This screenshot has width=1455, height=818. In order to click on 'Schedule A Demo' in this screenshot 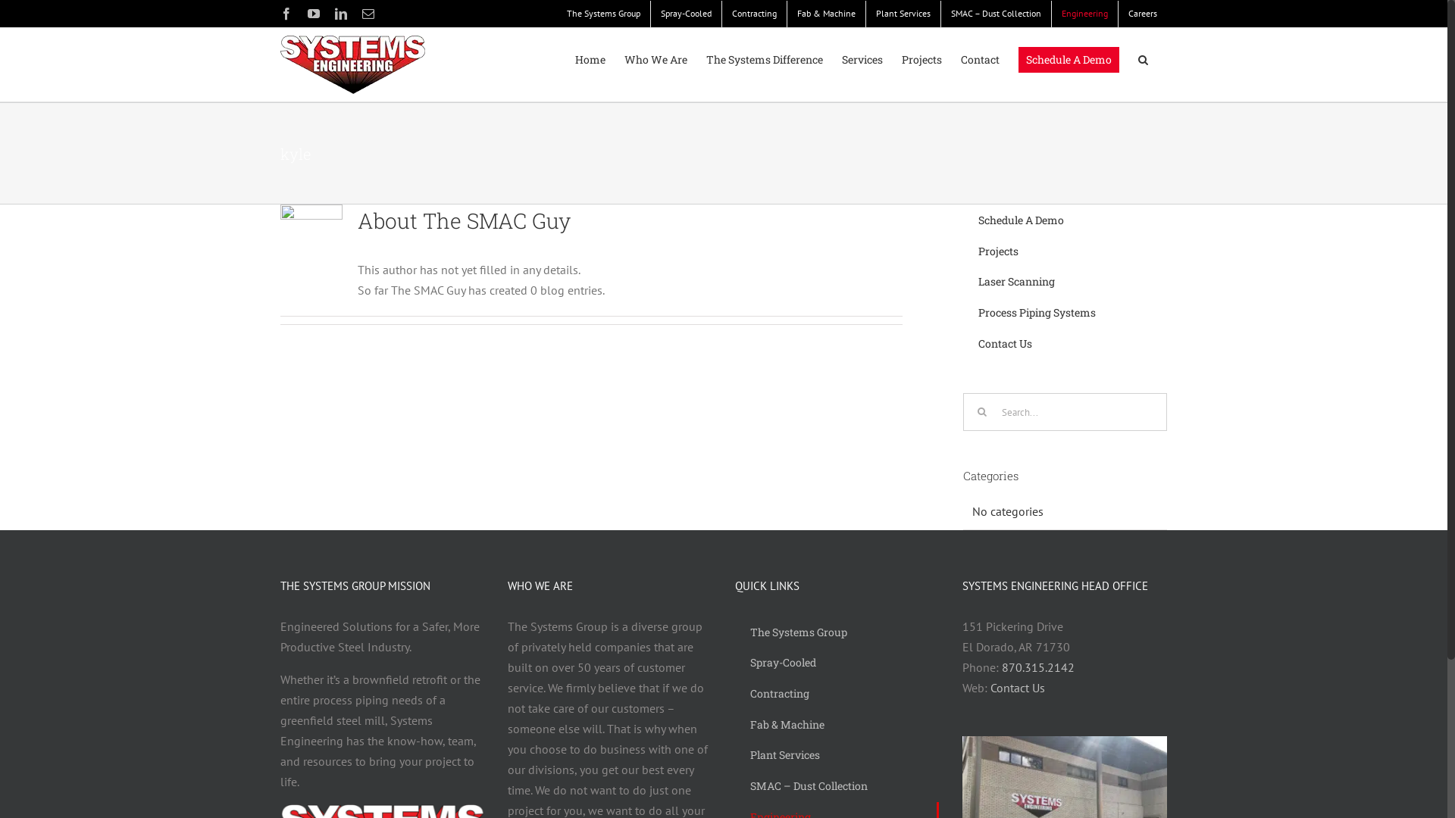, I will do `click(1018, 58)`.